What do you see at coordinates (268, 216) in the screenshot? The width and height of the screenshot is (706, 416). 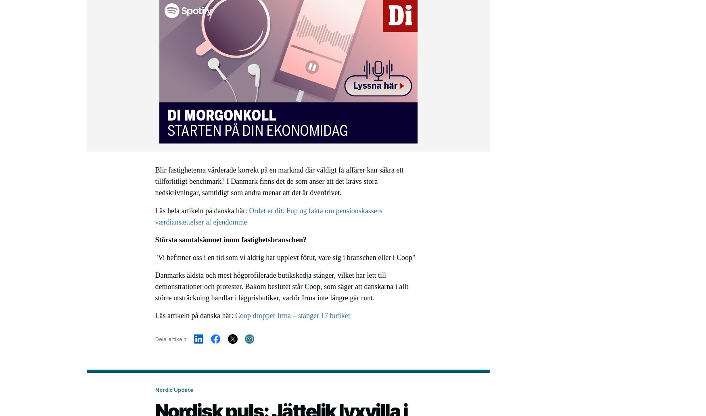 I see `'Ordet er dit: Fup og fakta om pensionskassers værdiansættelser af ejendomme'` at bounding box center [268, 216].